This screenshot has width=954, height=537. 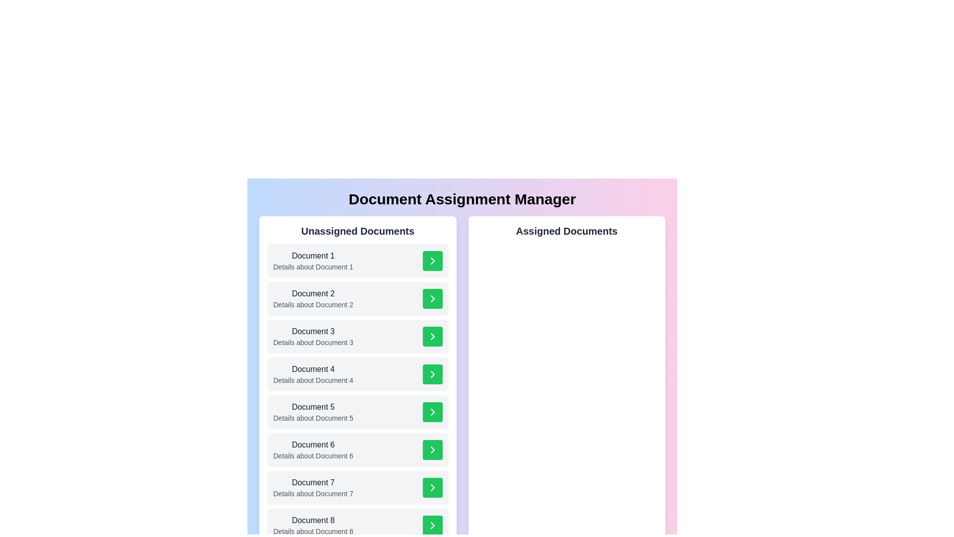 I want to click on the label displaying 'Document 3' in the 'Unassigned Documents' section, which is the third item in the list, so click(x=313, y=332).